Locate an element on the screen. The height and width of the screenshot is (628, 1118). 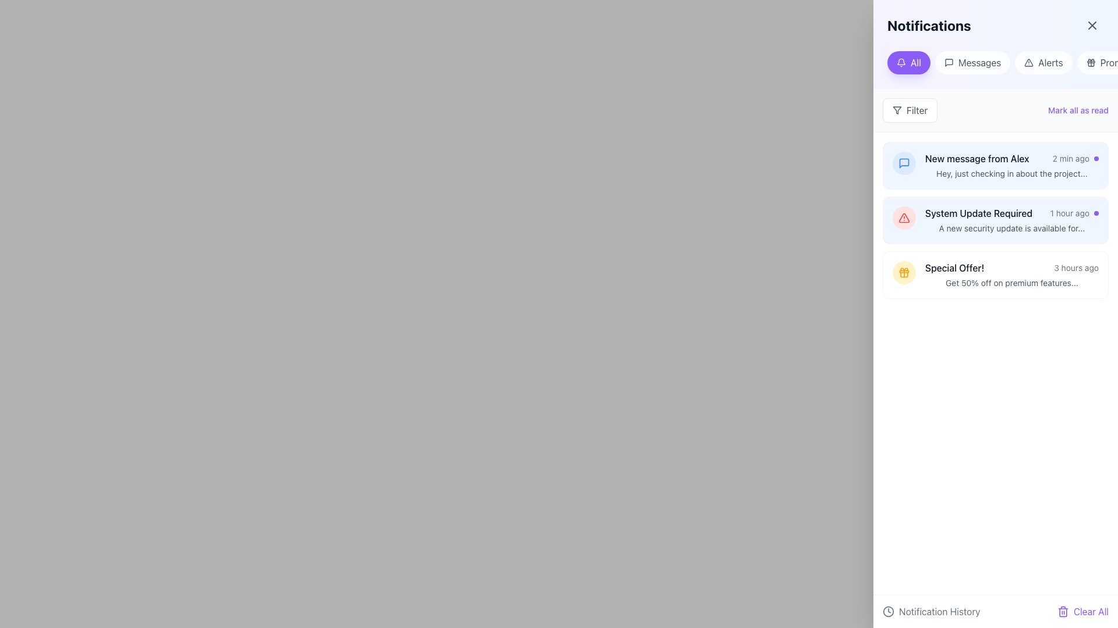
the second tab in the segmented tabs group that filters messages-related notifications, located below the 'Notifications' header is located at coordinates (995, 63).